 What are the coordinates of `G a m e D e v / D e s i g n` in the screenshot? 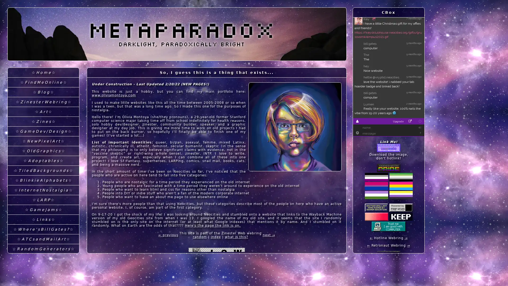 It's located at (43, 131).